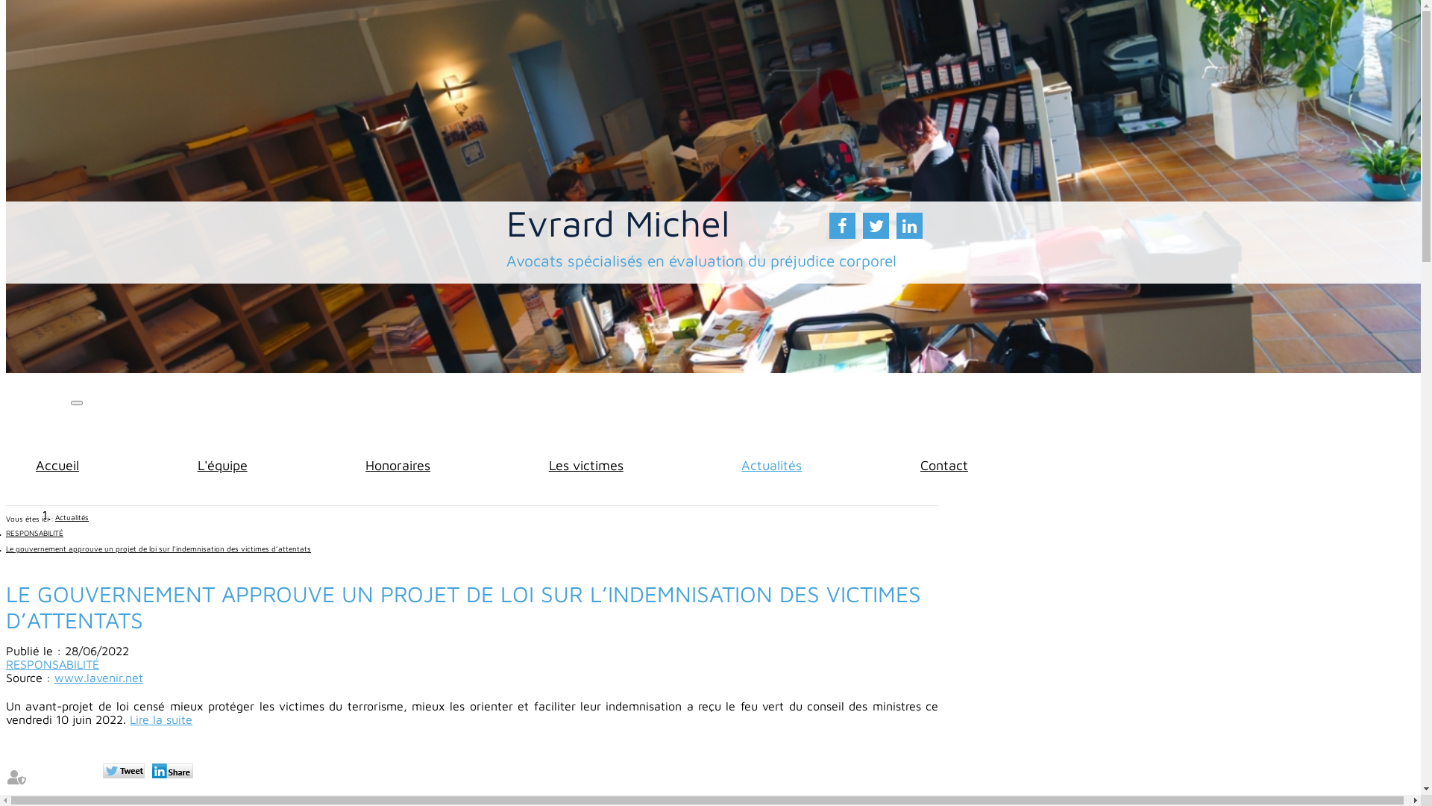 This screenshot has height=806, width=1432. What do you see at coordinates (908, 225) in the screenshot?
I see `'linkedin'` at bounding box center [908, 225].